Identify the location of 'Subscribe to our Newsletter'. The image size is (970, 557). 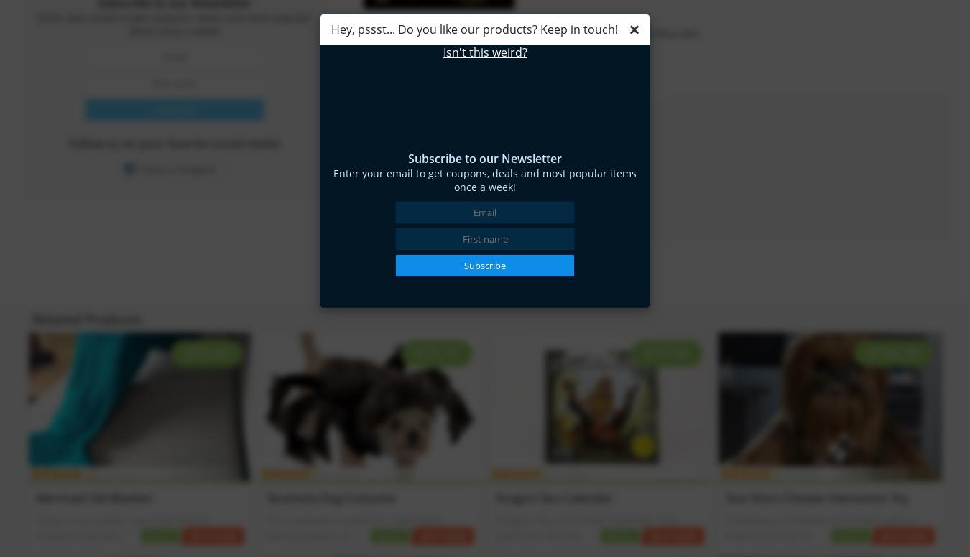
(407, 159).